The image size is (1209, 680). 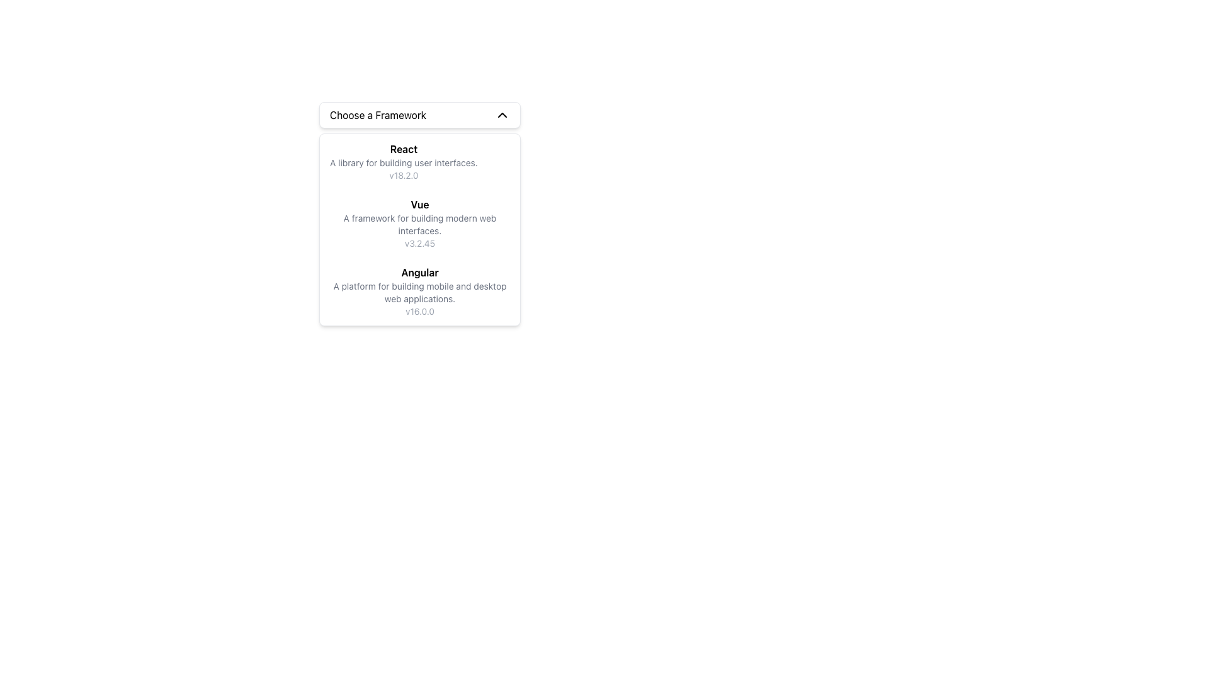 I want to click on the chevron icon located on the rightmost side of the header for the 'Choose a Framework' dropdown menu, so click(x=501, y=115).